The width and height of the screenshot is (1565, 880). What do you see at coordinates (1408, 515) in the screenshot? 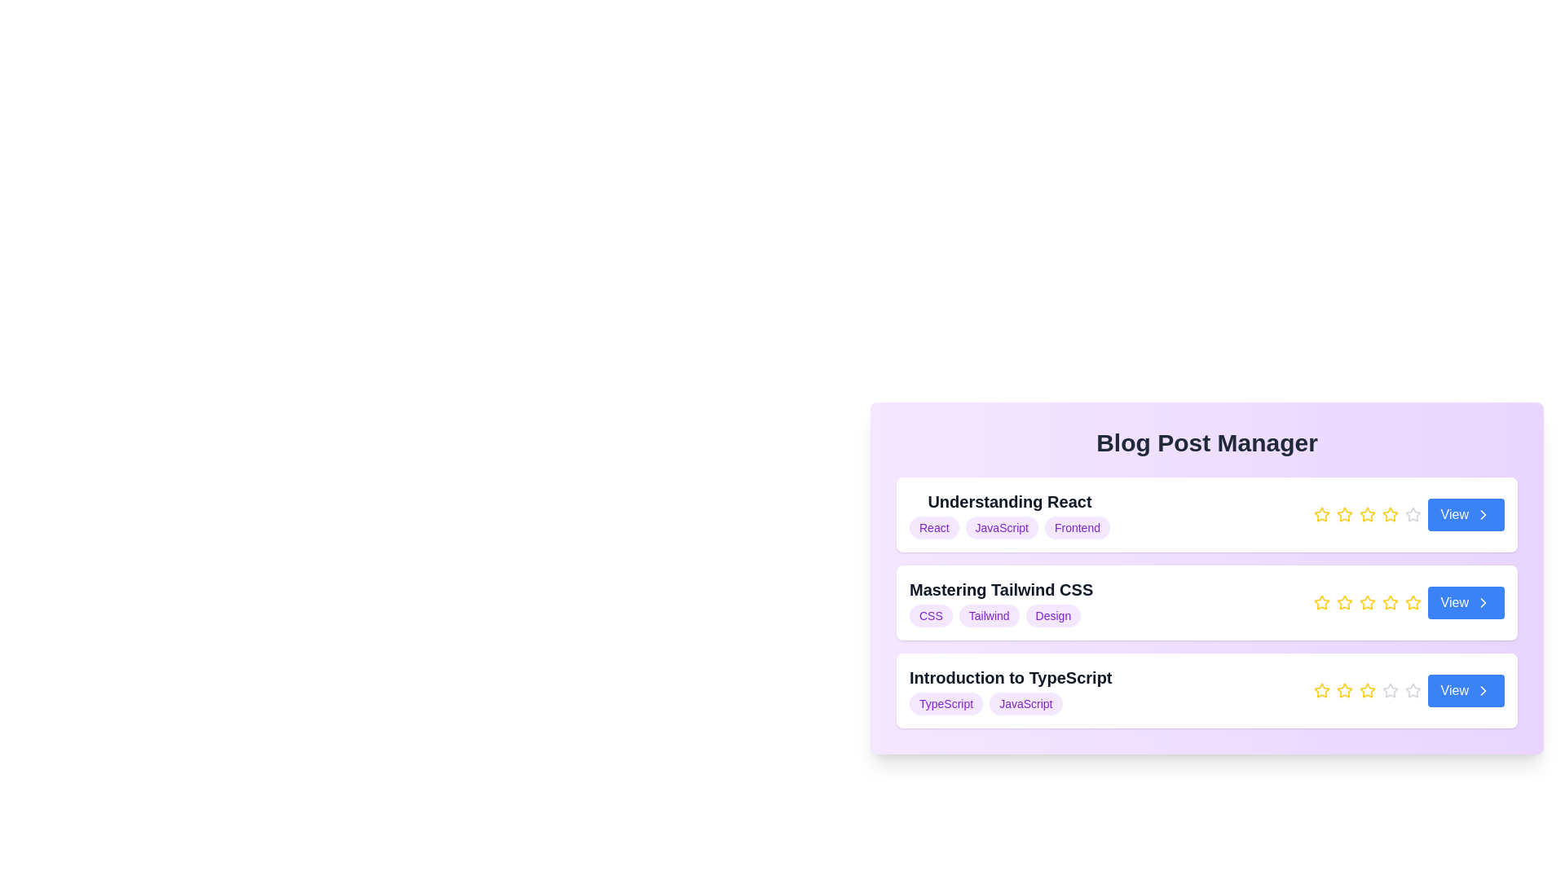
I see `the grey star in the 4-star rating indicator located in the topmost list item labeled 'Understanding React' in the 'Blog Post Manager' interface for visual emphasis` at bounding box center [1408, 515].